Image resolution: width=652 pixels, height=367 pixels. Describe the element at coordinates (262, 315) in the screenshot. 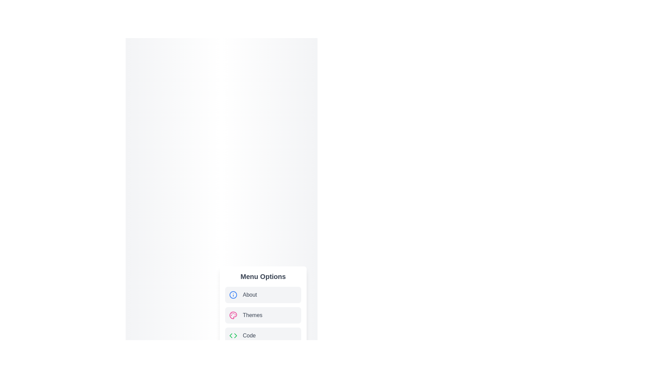

I see `the second menu item in the vertical menu list` at that location.